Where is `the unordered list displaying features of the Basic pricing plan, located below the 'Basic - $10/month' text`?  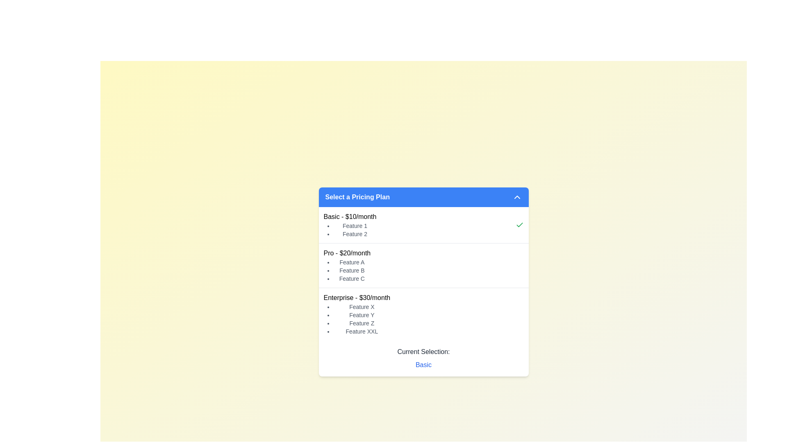 the unordered list displaying features of the Basic pricing plan, located below the 'Basic - $10/month' text is located at coordinates (350, 230).